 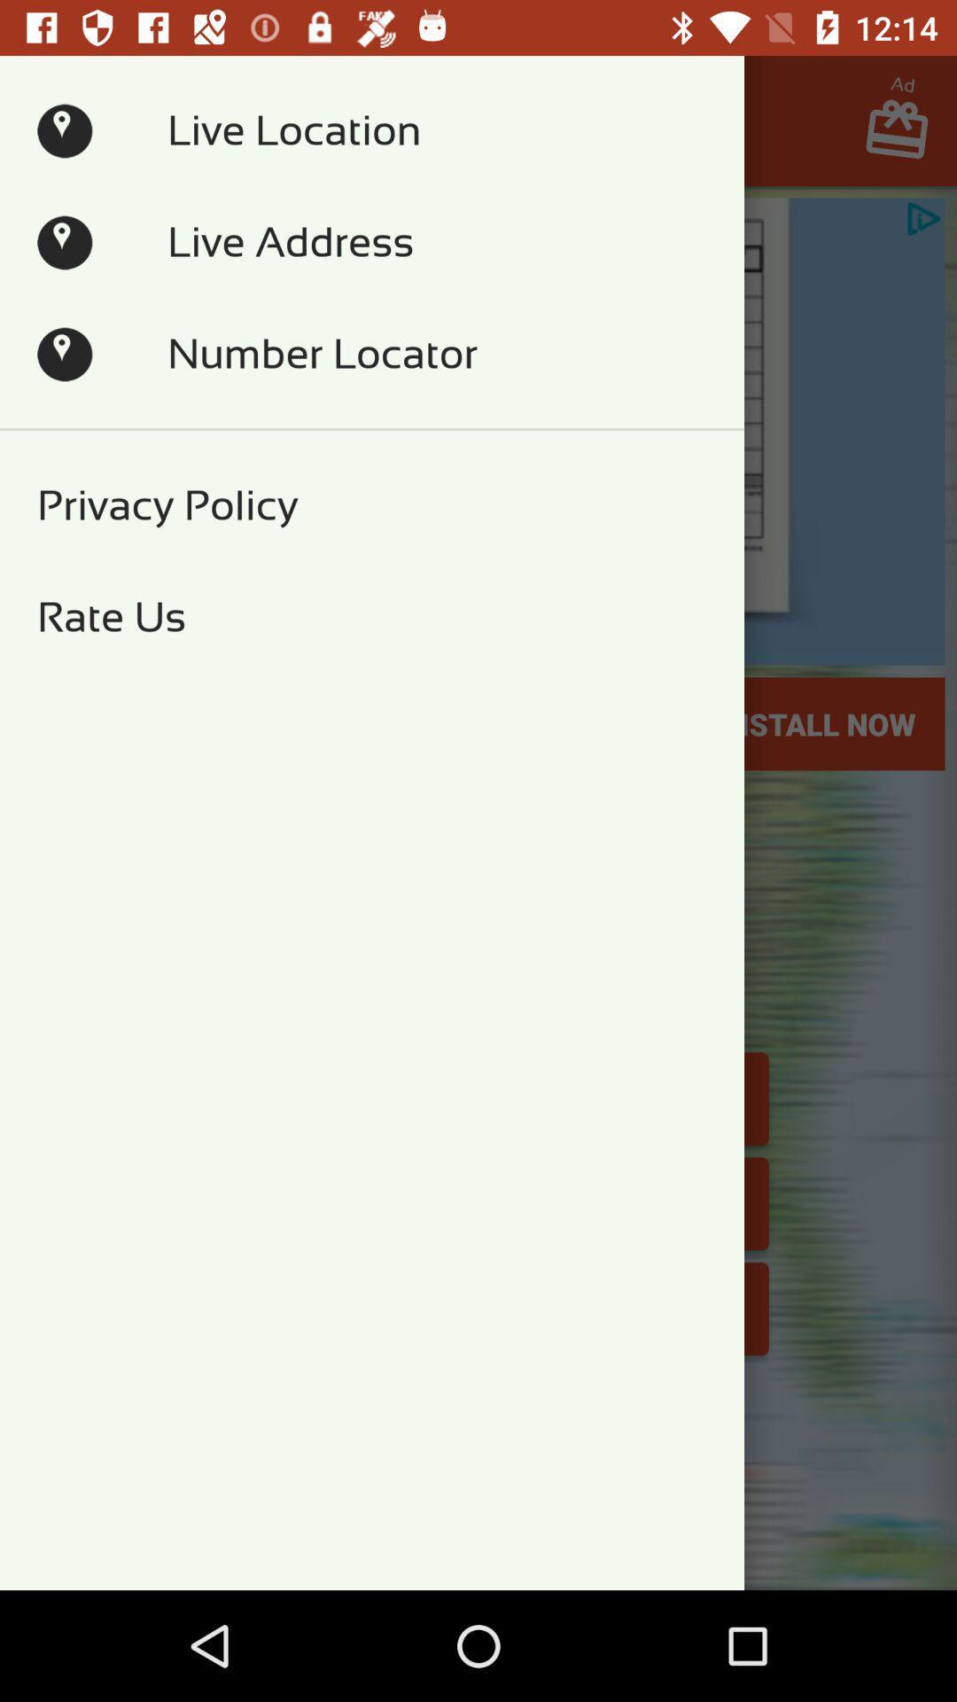 What do you see at coordinates (906, 134) in the screenshot?
I see `the symbol just below ad at the right corner` at bounding box center [906, 134].